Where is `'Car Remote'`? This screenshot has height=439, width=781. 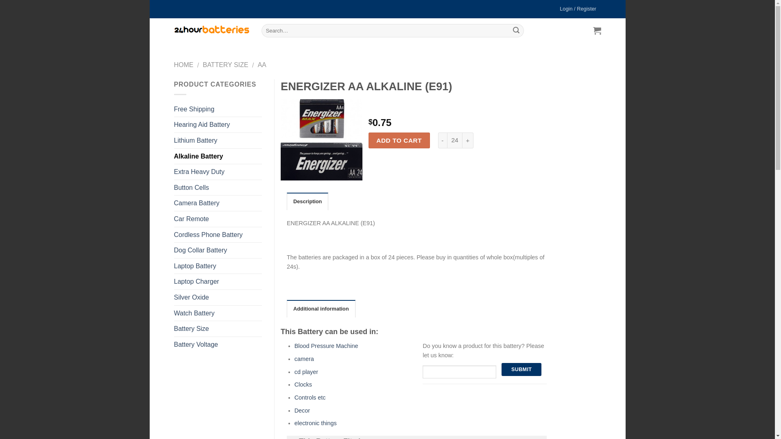
'Car Remote' is located at coordinates (218, 219).